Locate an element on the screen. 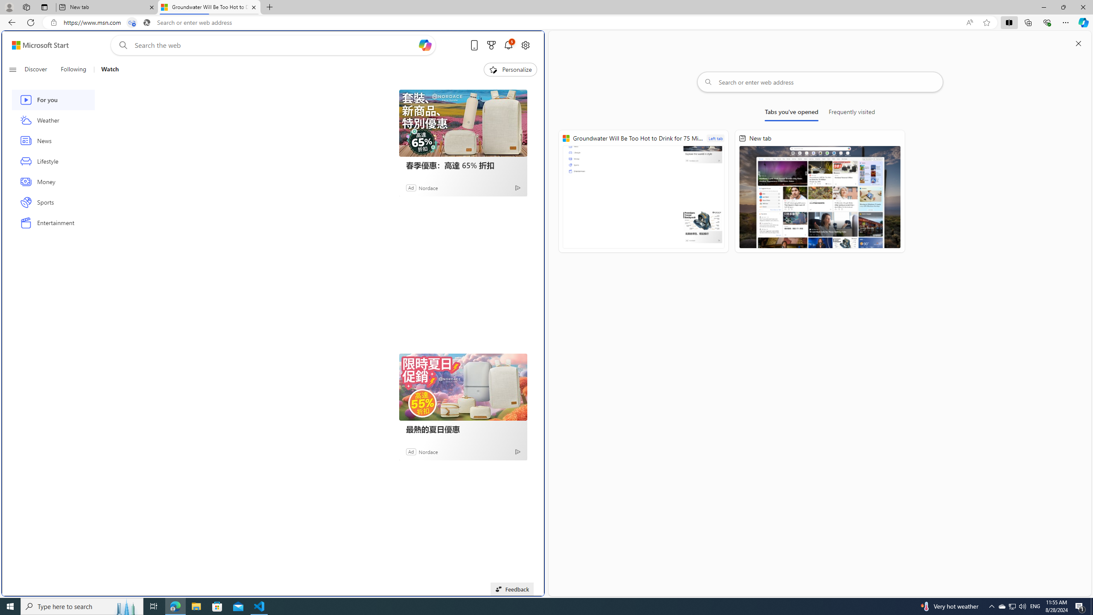  'Skip to footer' is located at coordinates (35, 44).